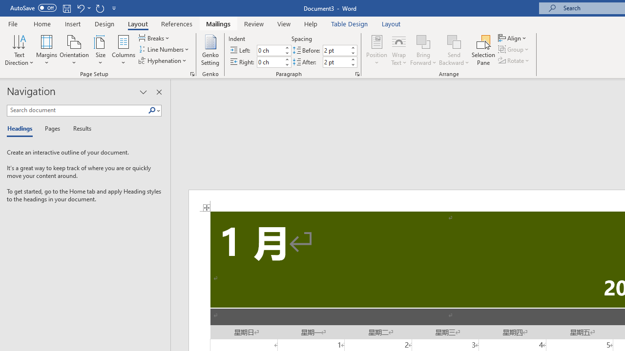  What do you see at coordinates (151, 110) in the screenshot?
I see `'Search'` at bounding box center [151, 110].